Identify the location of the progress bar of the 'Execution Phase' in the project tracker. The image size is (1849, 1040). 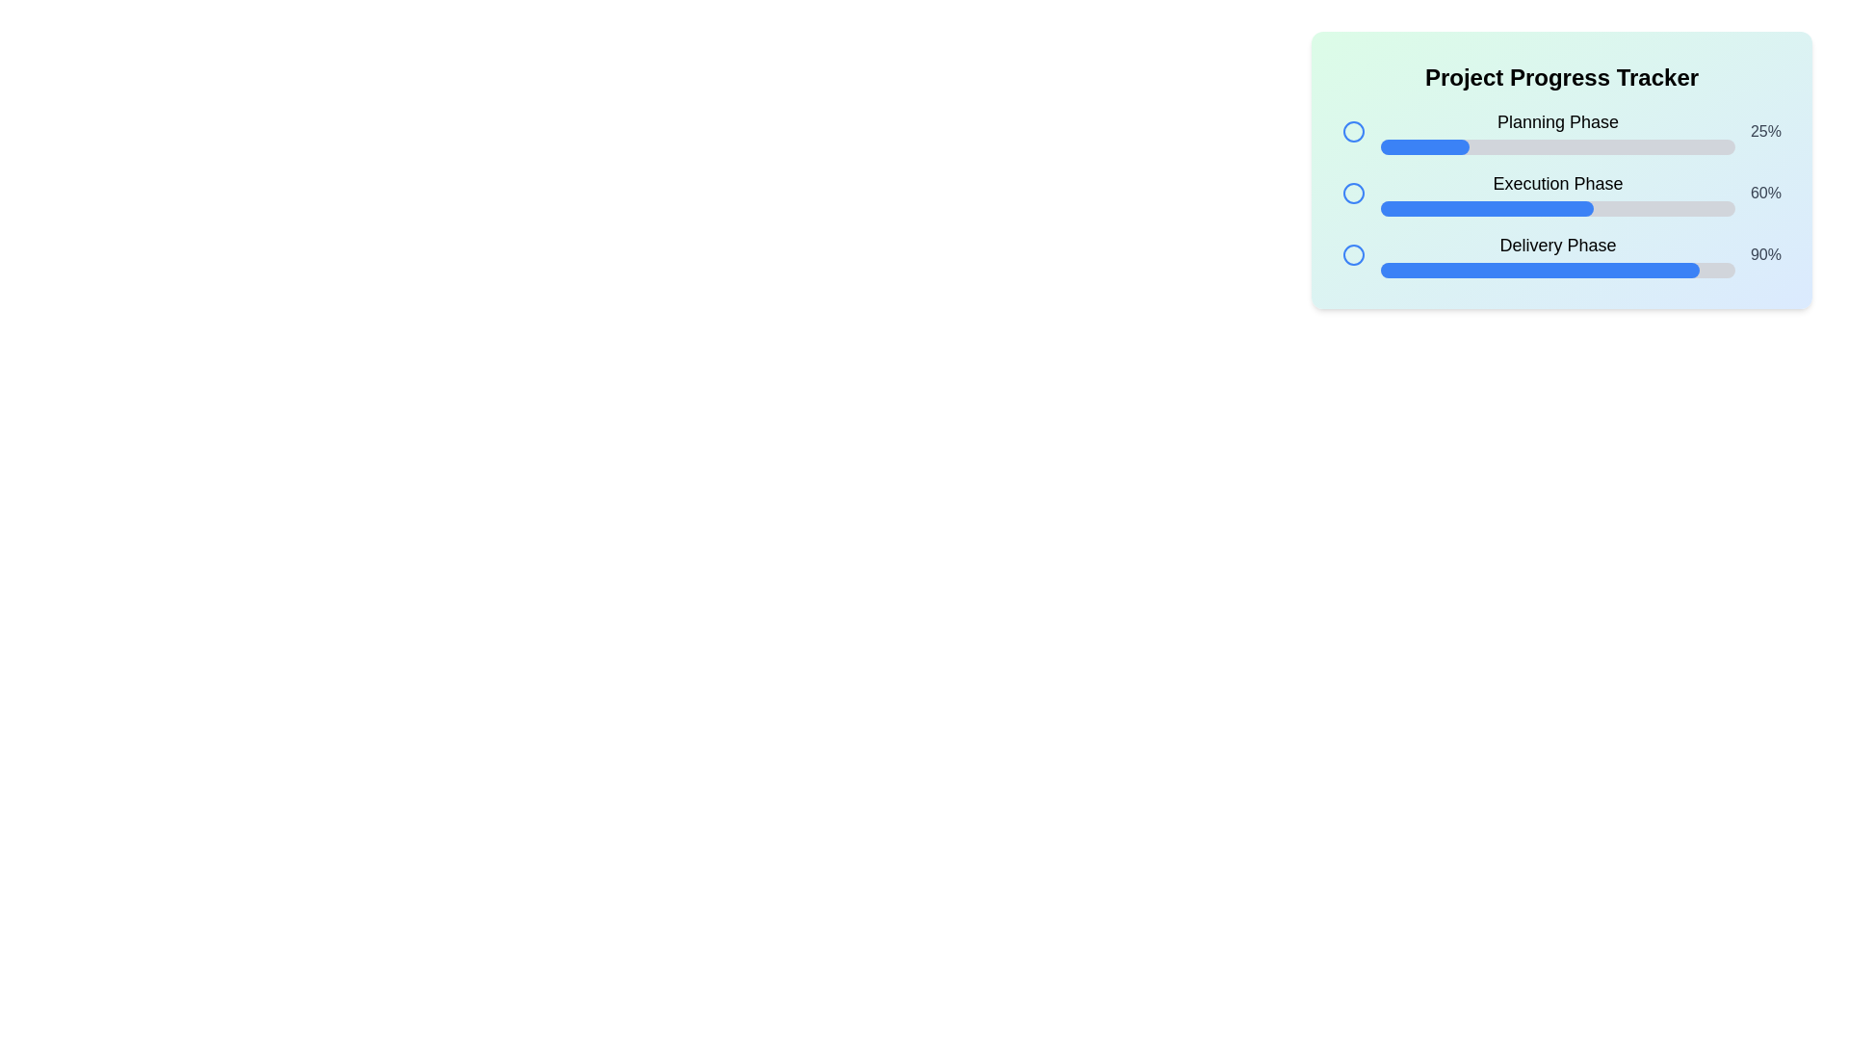
(1562, 193).